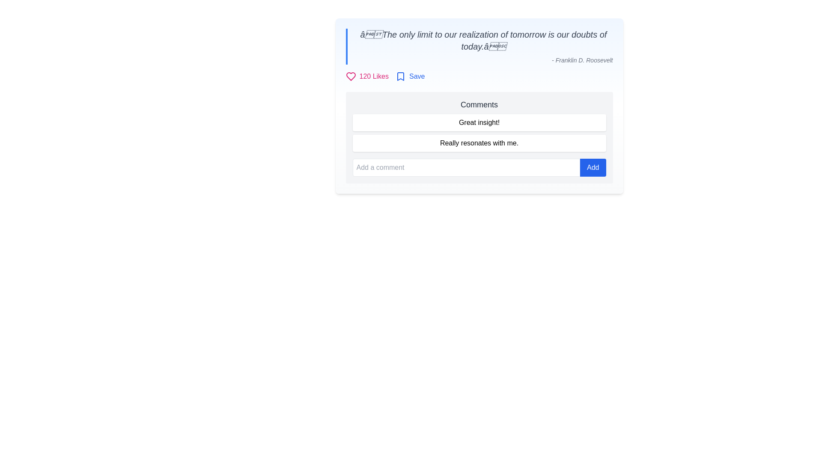 The width and height of the screenshot is (822, 462). Describe the element at coordinates (479, 143) in the screenshot. I see `comment text displayed in the Text Display Box, which contains the text 'Really resonates with me.'` at that location.